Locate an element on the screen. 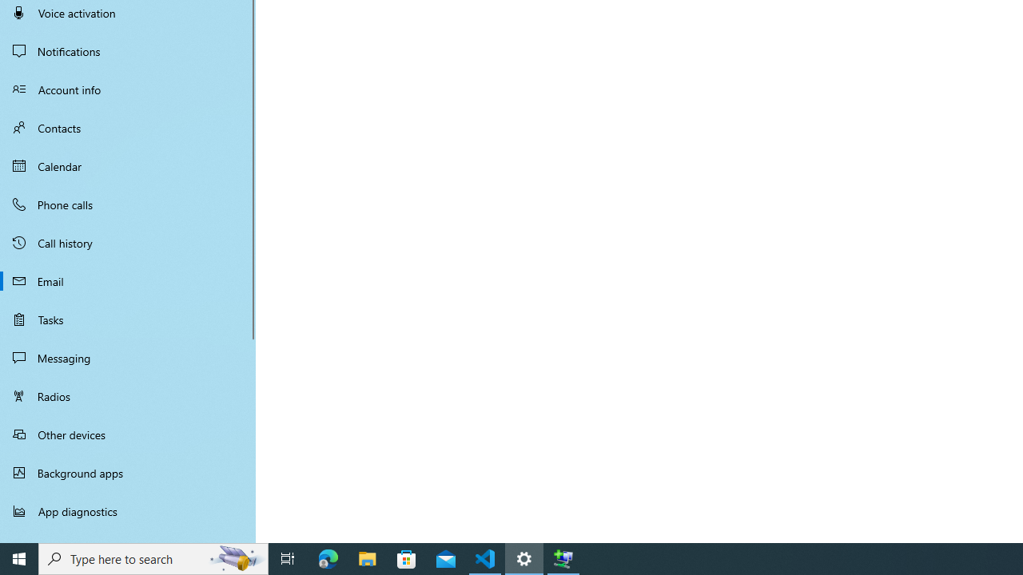 Image resolution: width=1023 pixels, height=575 pixels. 'Type here to search' is located at coordinates (153, 557).